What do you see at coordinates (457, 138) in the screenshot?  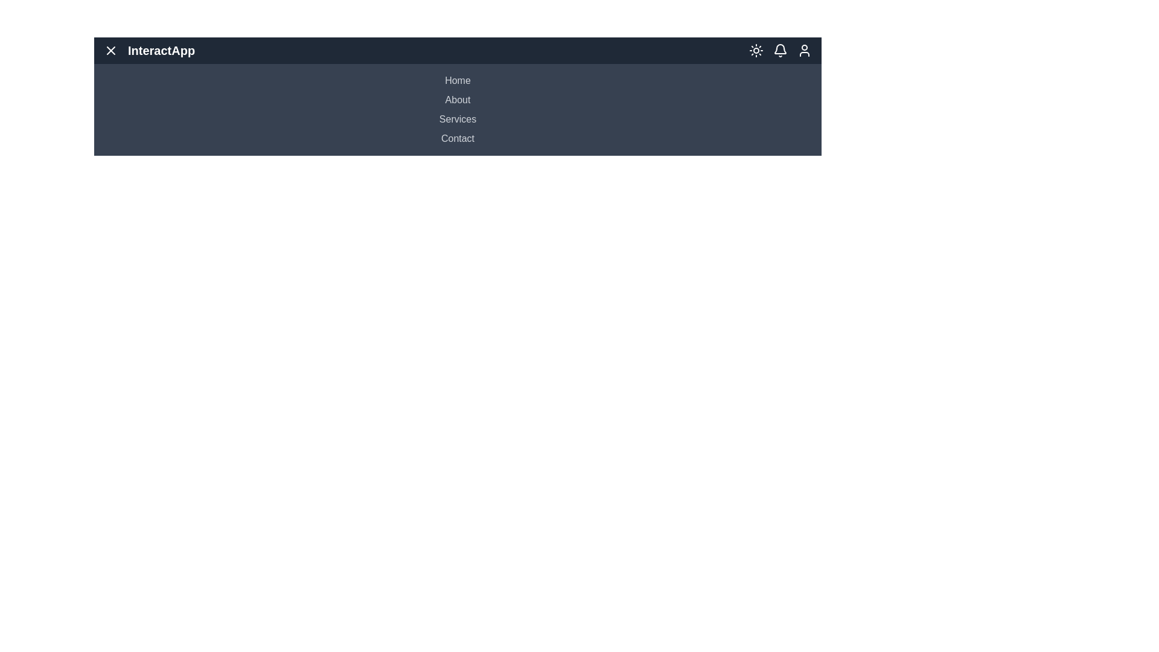 I see `the menu item Contact to navigate to the respective section` at bounding box center [457, 138].